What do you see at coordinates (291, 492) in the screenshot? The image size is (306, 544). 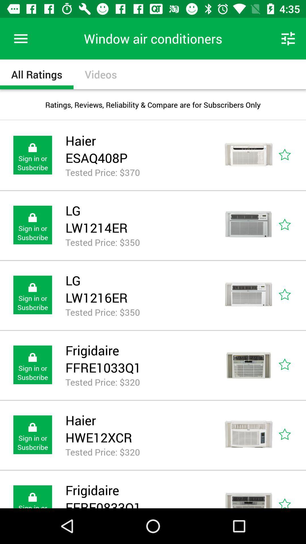 I see `the icon represented rating of the given product` at bounding box center [291, 492].